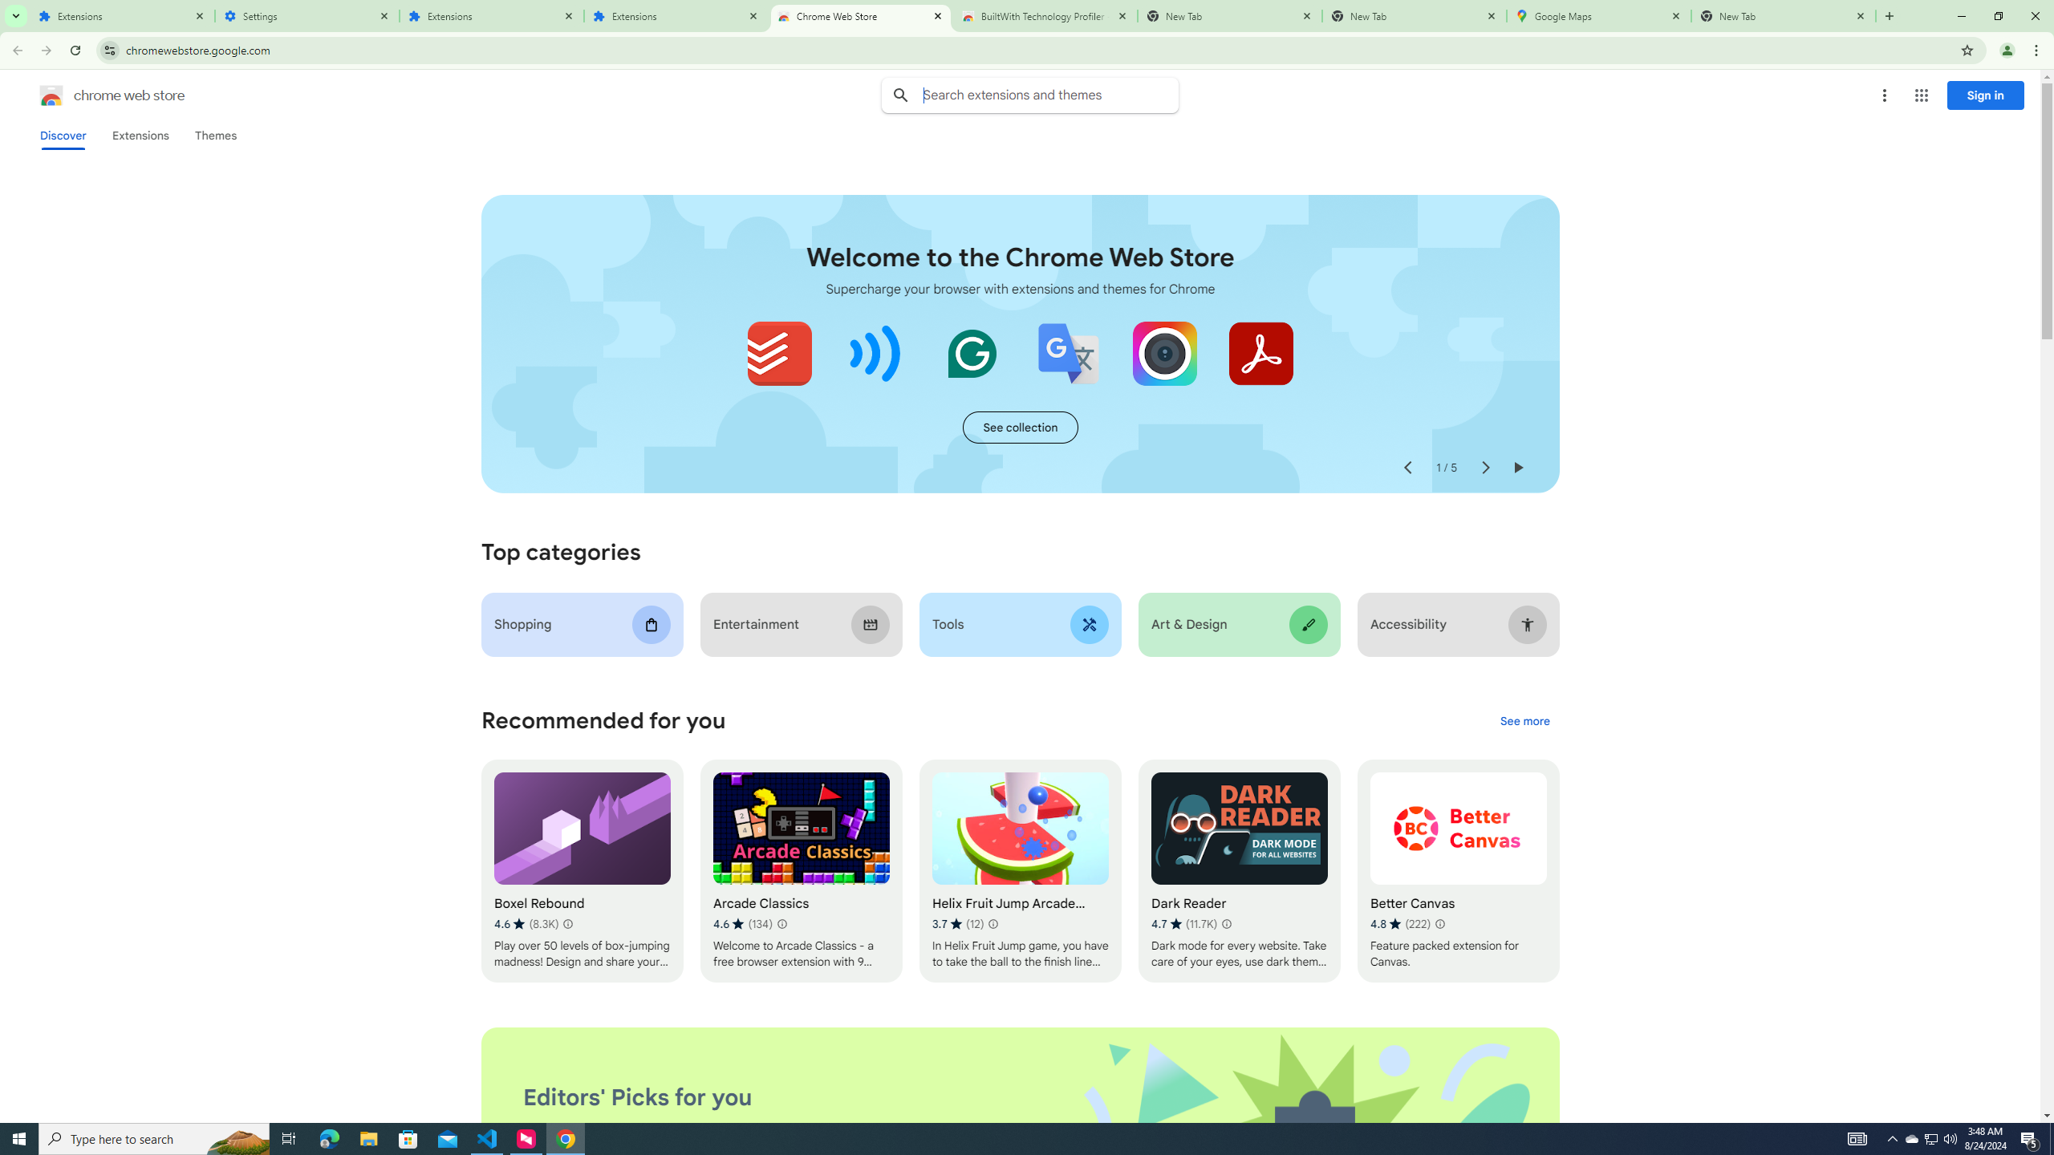 The width and height of the screenshot is (2054, 1155). I want to click on 'Settings', so click(306, 15).